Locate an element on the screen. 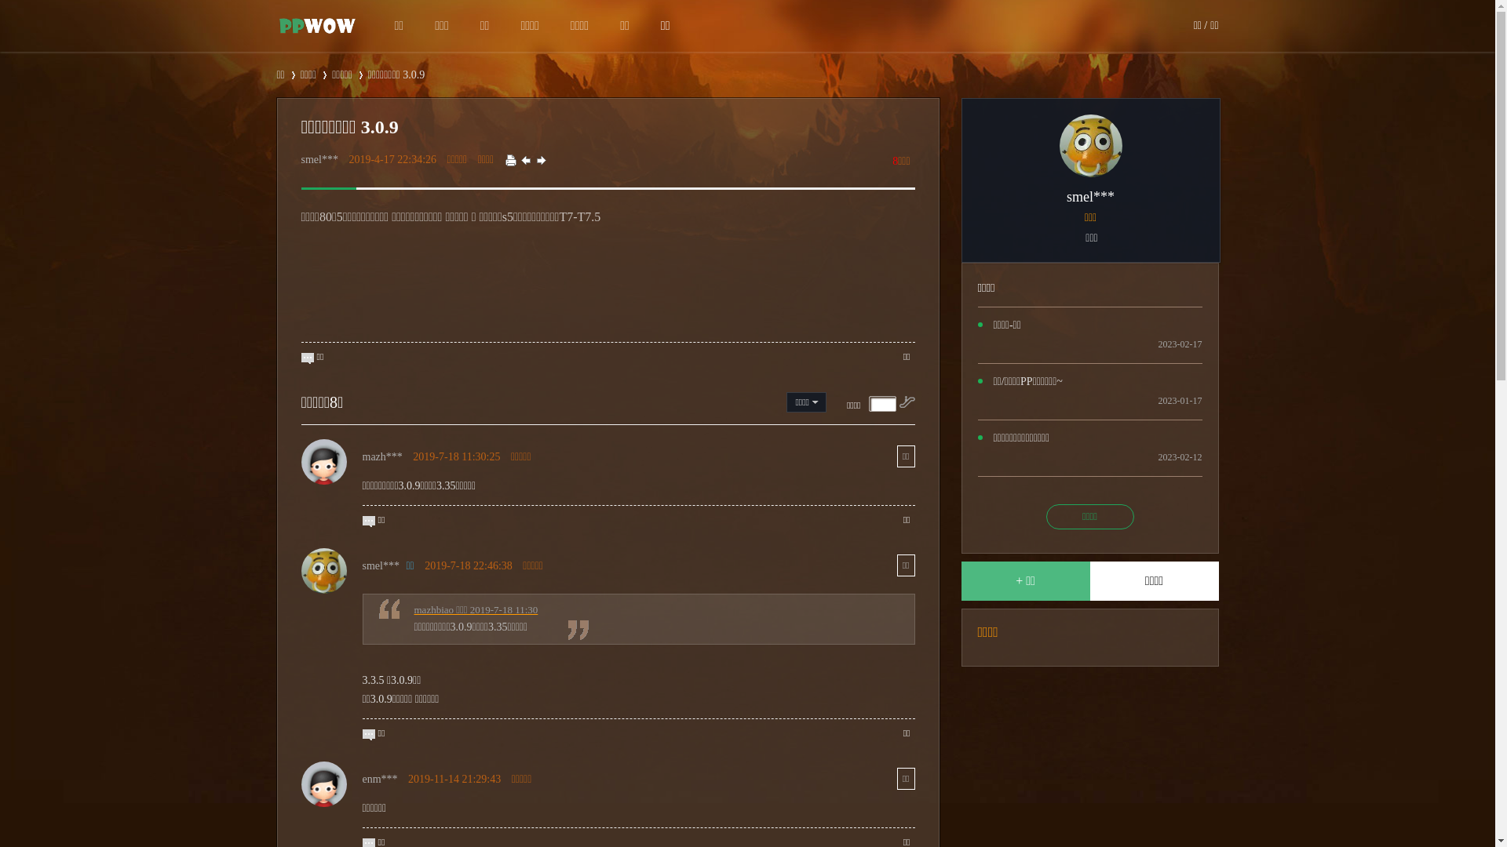 This screenshot has height=847, width=1507. 'smel***' is located at coordinates (1090, 196).